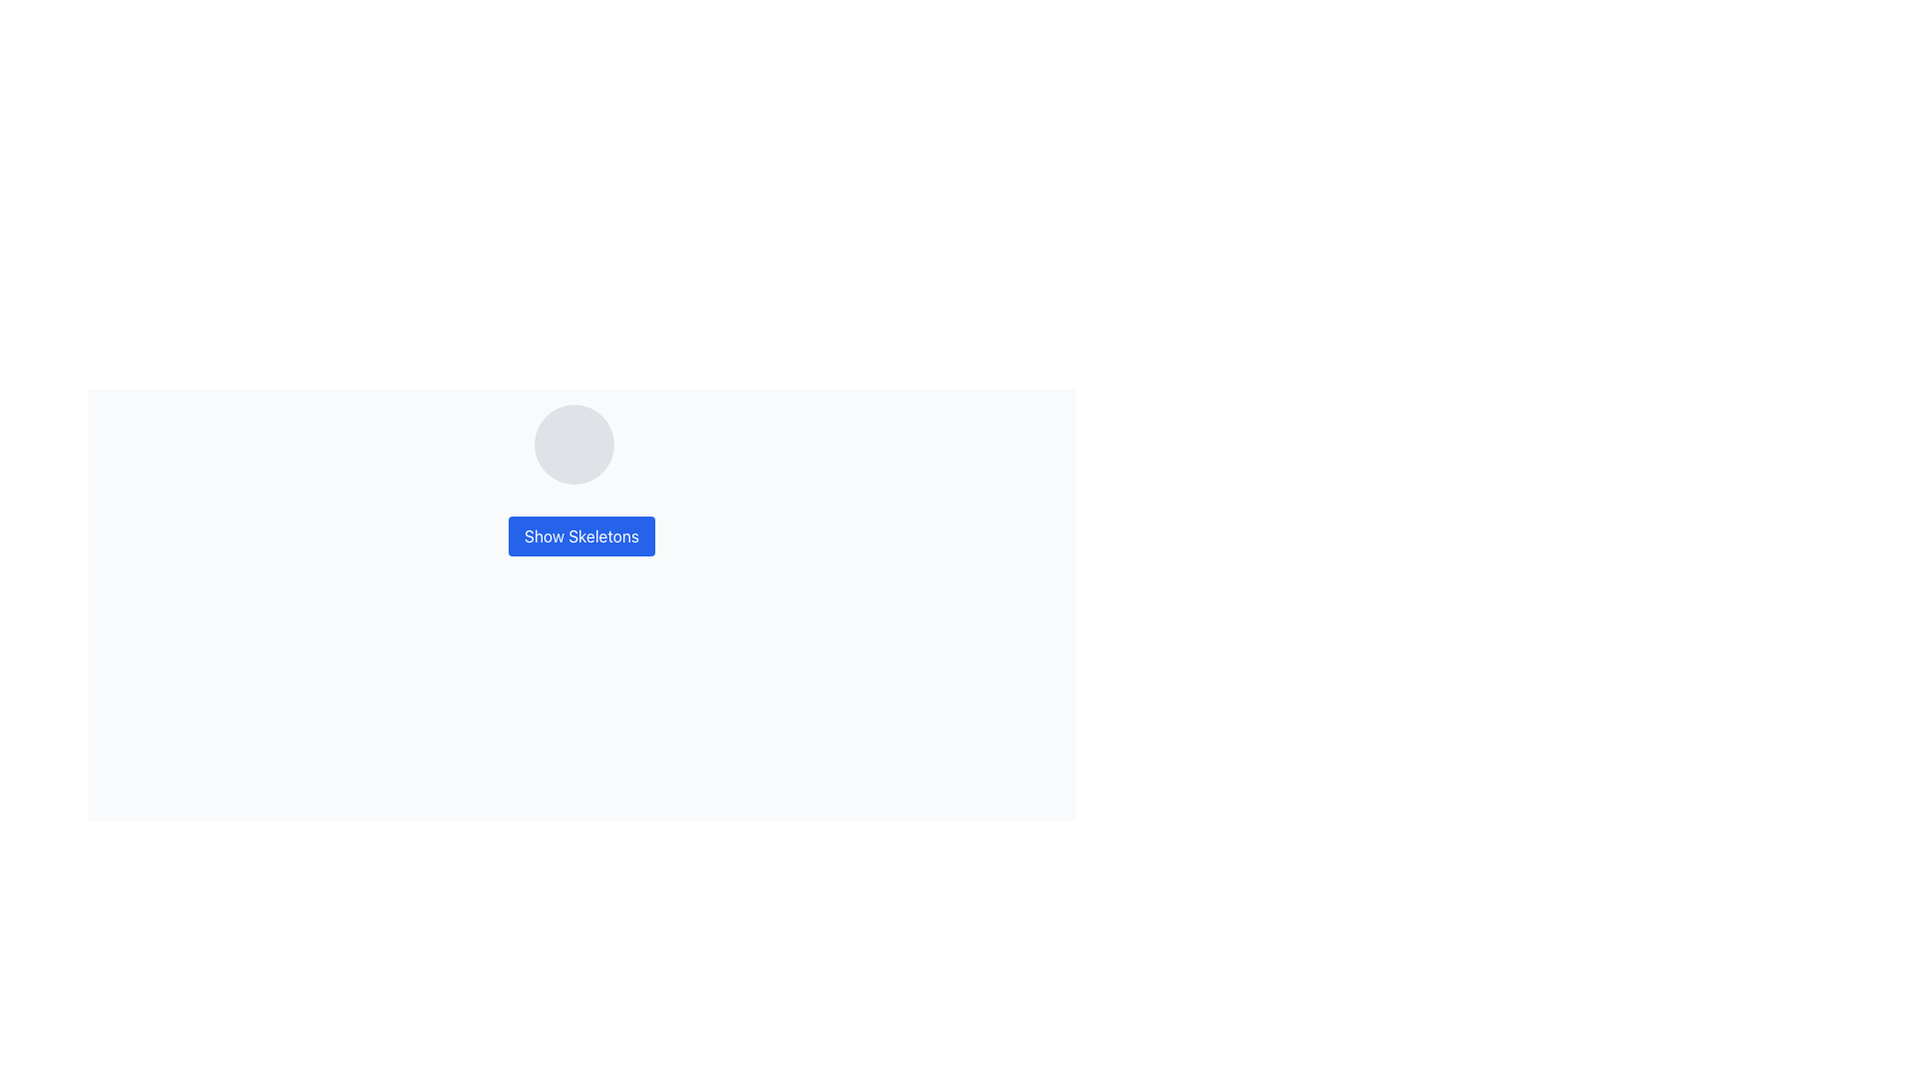  Describe the element at coordinates (580, 444) in the screenshot. I see `the skeleton or placeholder element that indicates a loading state, positioned above the 'Show Skeletons' button` at that location.